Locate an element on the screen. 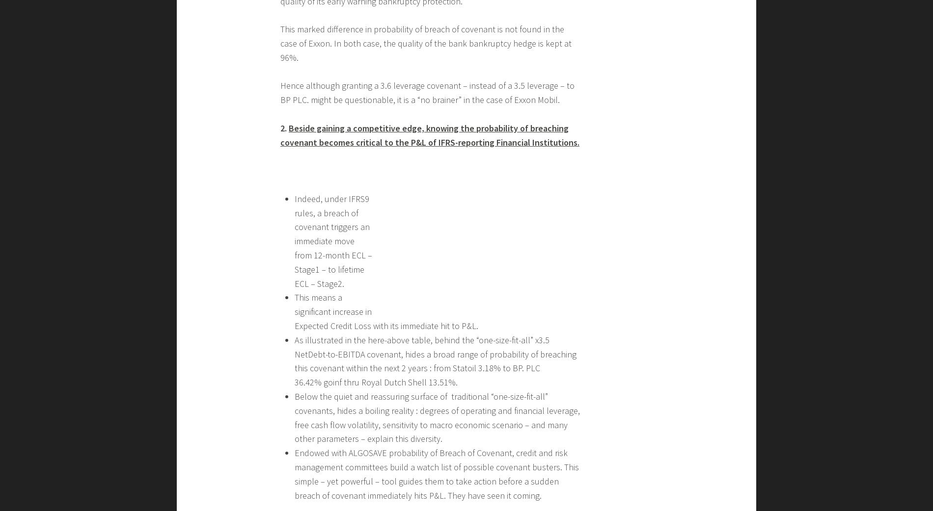 The height and width of the screenshot is (511, 933). 'Indeed, the probability of breaching the x3.5 NetDebt to EBITDA covenant stands at 8.09% and drops to 7.01% (a 13% drop) at x3.6. The Bank will “miss” 13% of the total covenant breaching events when granting a x3.6 instead of a x3.5 turn of leverage covenant.' is located at coordinates (430, 343).